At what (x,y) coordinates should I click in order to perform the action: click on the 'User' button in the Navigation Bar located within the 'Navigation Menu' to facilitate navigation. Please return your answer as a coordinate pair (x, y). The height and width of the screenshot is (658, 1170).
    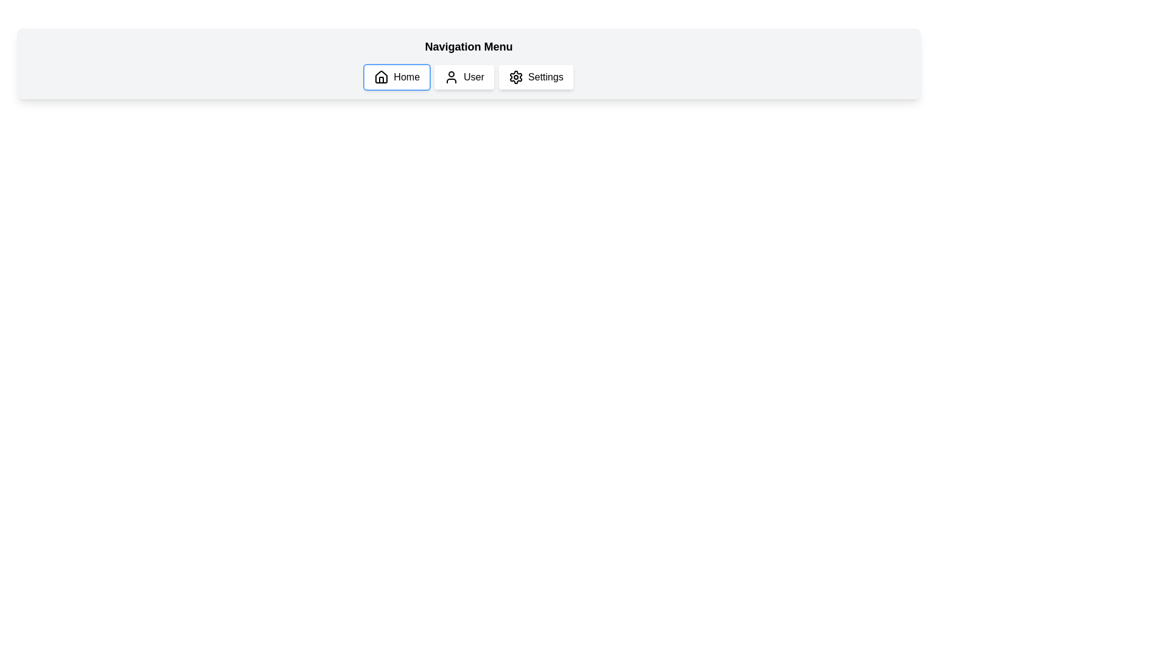
    Looking at the image, I should click on (468, 77).